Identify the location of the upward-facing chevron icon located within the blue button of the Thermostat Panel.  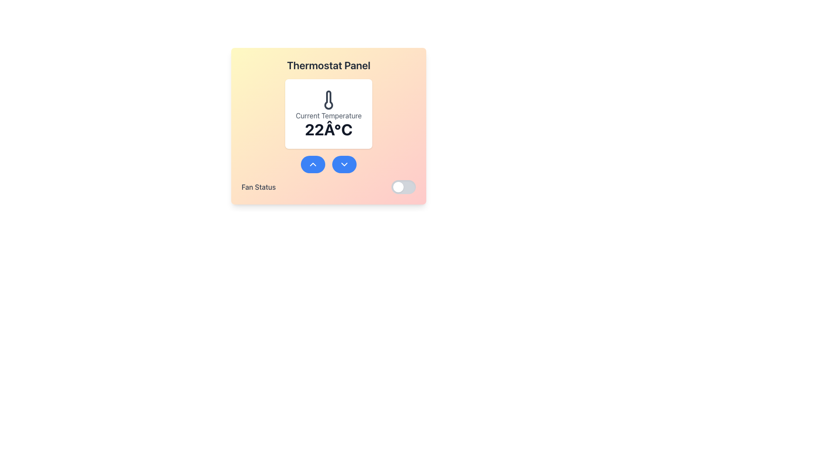
(313, 164).